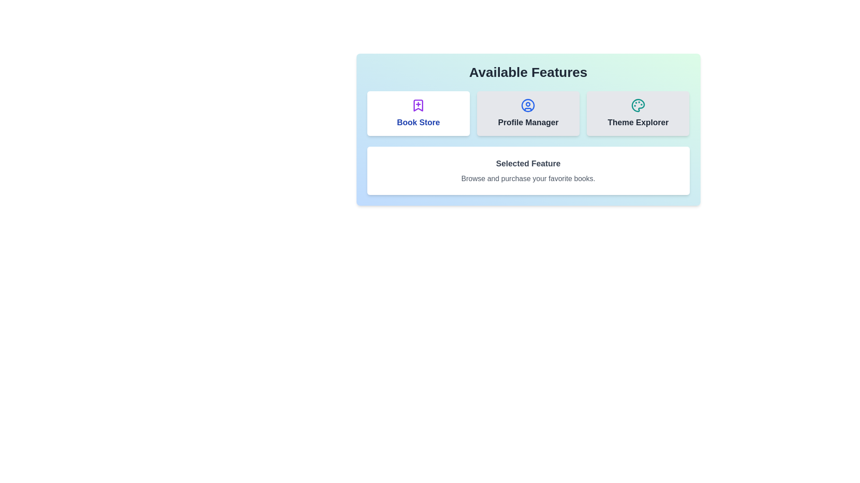 This screenshot has width=860, height=483. I want to click on the last button in the row of three buttons, which activates the 'Theme Explorer' feature of the application, so click(637, 113).